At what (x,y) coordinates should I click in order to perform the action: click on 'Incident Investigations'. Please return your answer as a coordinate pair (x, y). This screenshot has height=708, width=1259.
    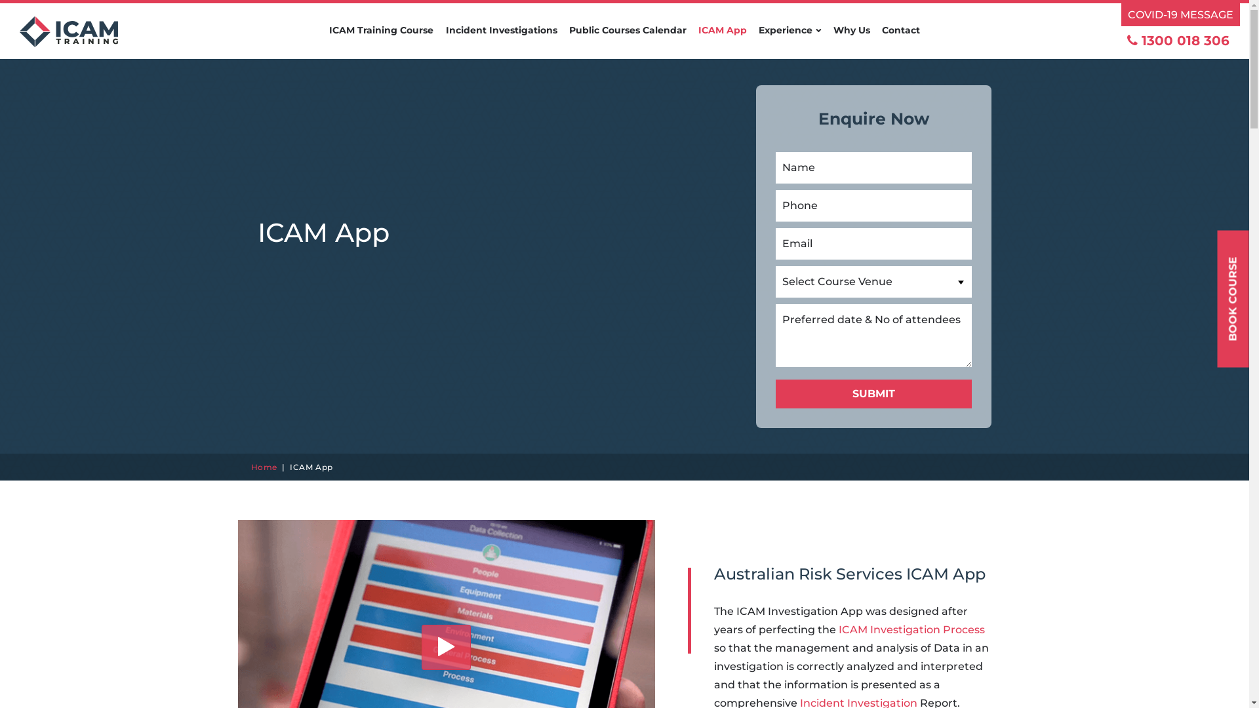
    Looking at the image, I should click on (500, 39).